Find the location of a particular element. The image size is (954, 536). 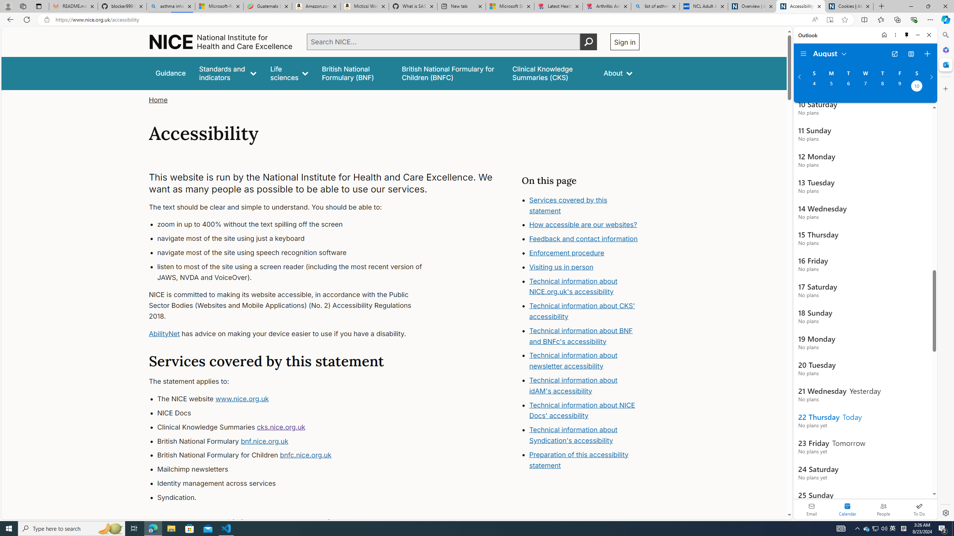

'About' is located at coordinates (617, 73).